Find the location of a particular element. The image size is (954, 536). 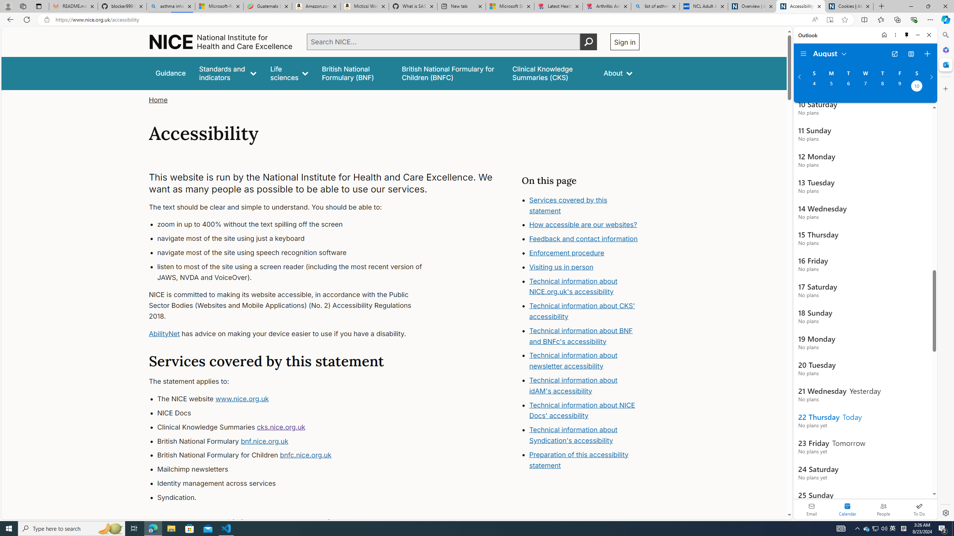

'About' is located at coordinates (617, 73).